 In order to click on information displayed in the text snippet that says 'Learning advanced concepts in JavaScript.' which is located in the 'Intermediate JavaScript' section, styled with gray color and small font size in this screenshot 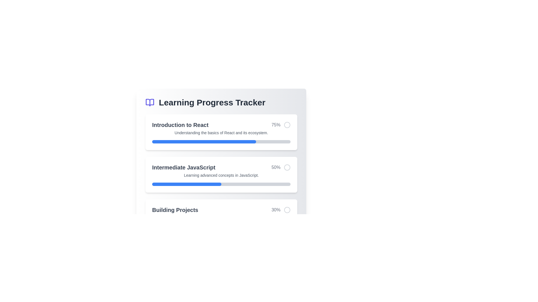, I will do `click(221, 175)`.